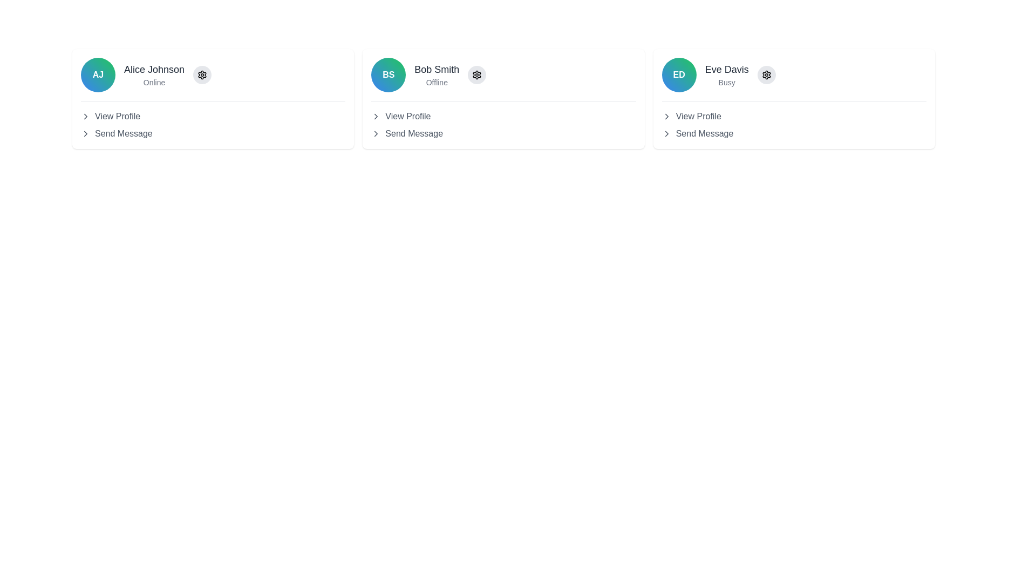  I want to click on the Interactive List containing 'View Profile' and 'Send Message', so click(503, 124).